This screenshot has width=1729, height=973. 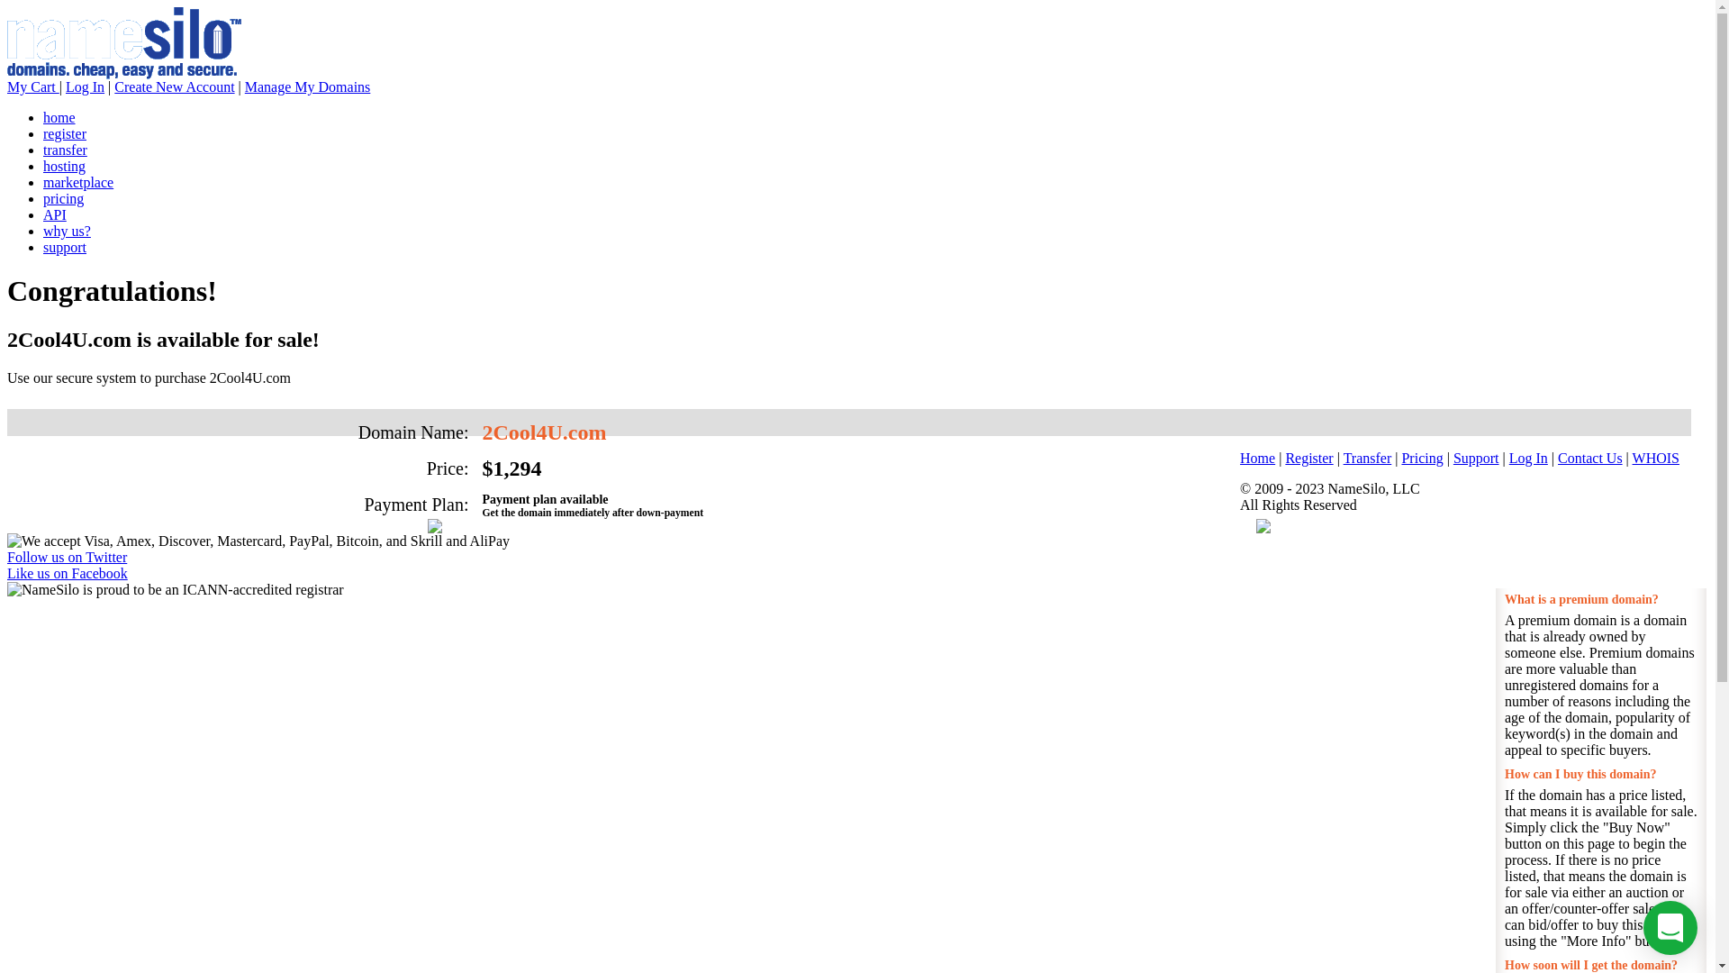 What do you see at coordinates (67, 556) in the screenshot?
I see `'Follow us on Twitter'` at bounding box center [67, 556].